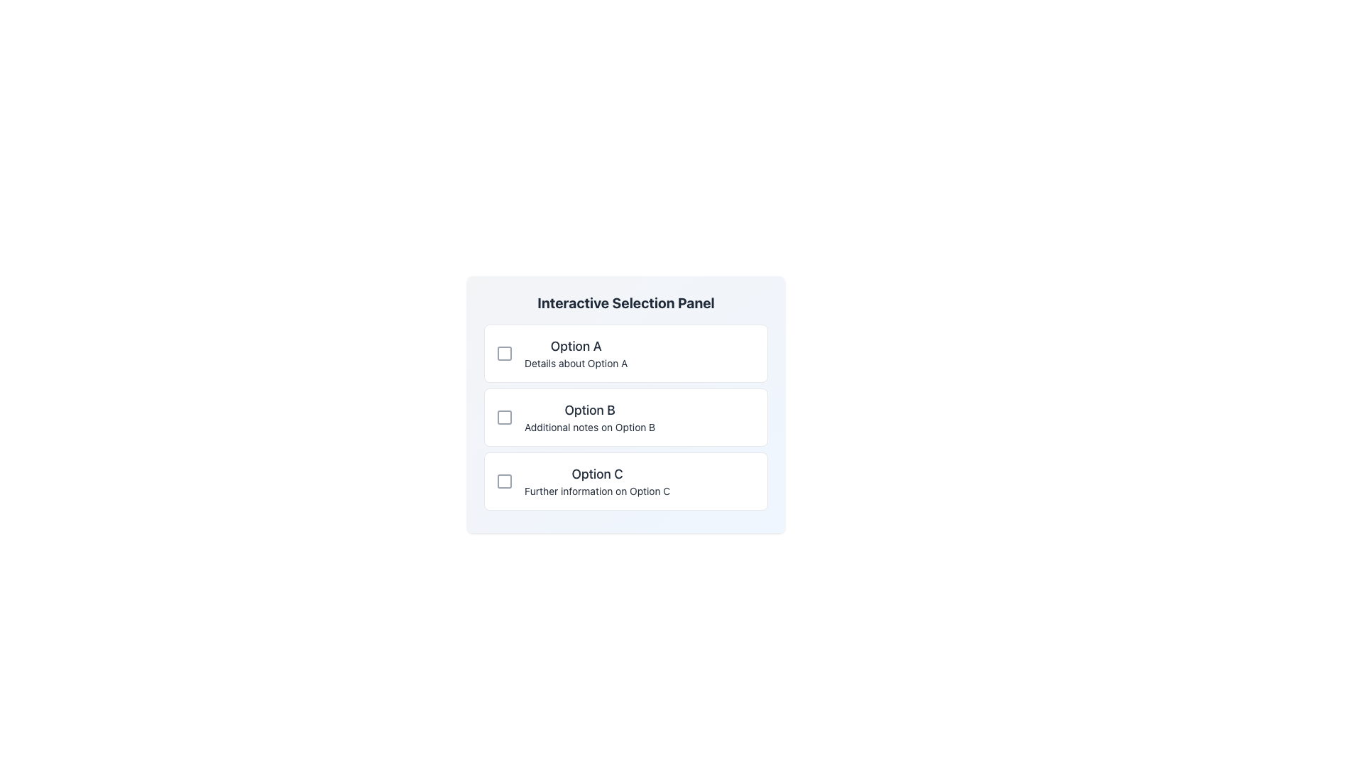 Image resolution: width=1363 pixels, height=767 pixels. Describe the element at coordinates (597, 490) in the screenshot. I see `the text label displaying 'Further information on Option C', which is positioned beneath the larger text 'Option C' in the third option block of the interactive selection panel` at that location.